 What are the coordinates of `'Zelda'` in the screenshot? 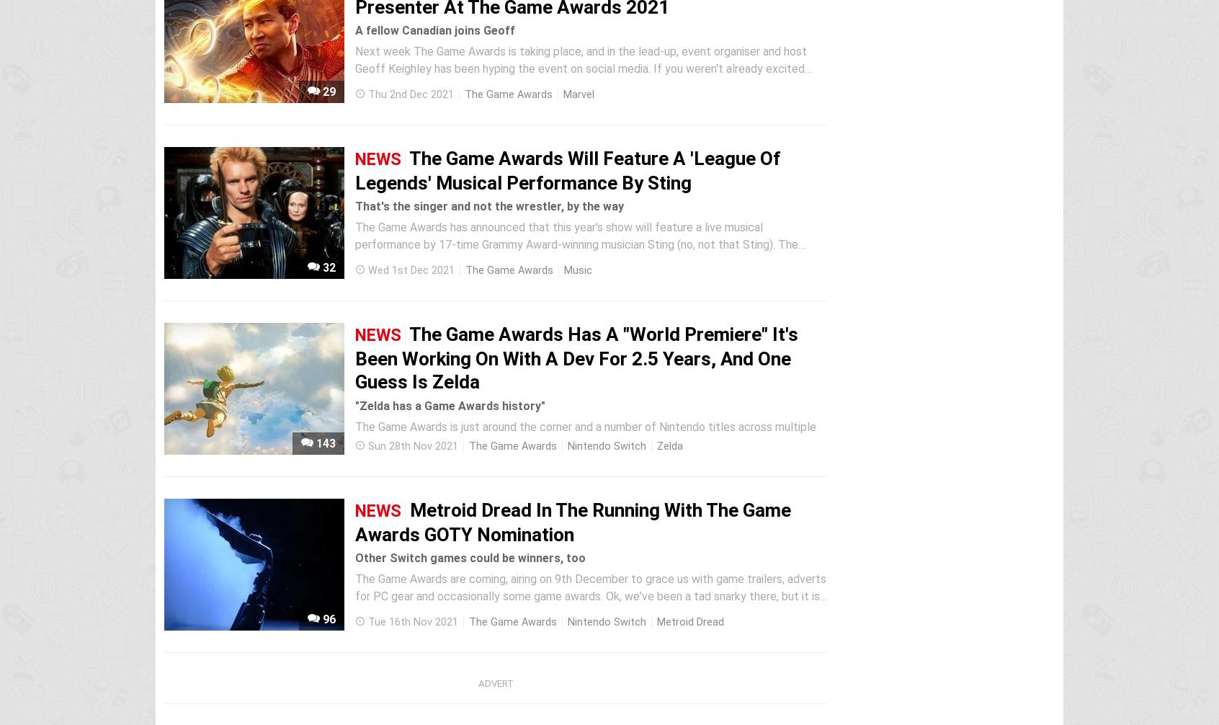 It's located at (669, 446).